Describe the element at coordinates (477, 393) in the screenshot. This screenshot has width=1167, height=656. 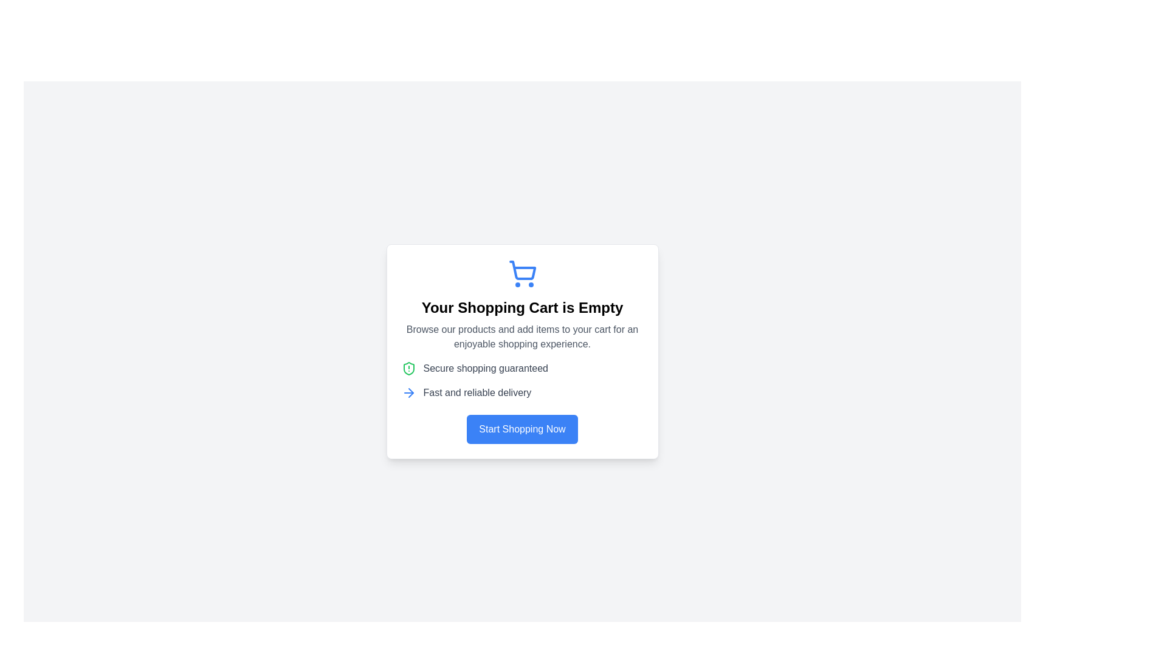
I see `the static text that describes a feature or service, located to the right of a blue arrow icon in a horizontal layout` at that location.